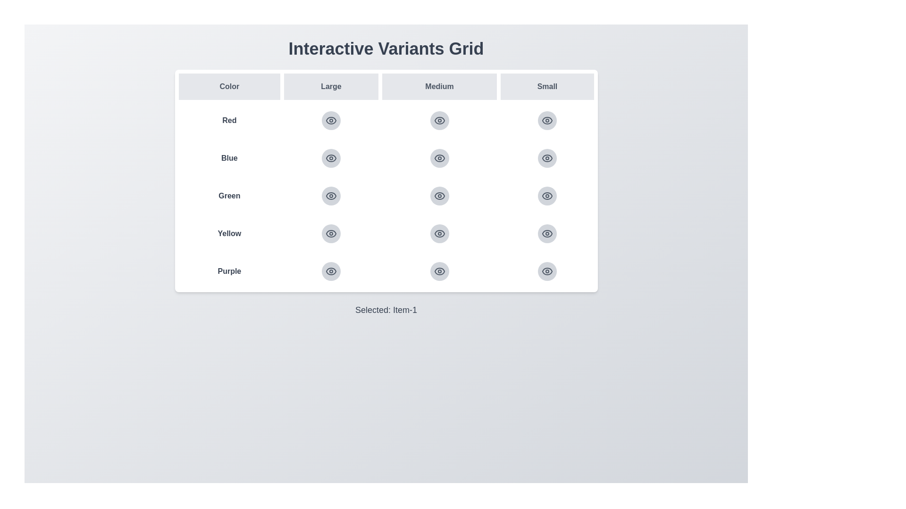 The height and width of the screenshot is (509, 906). Describe the element at coordinates (331, 196) in the screenshot. I see `the toggle button for managing visibility settings related to the 'Green, Large' category` at that location.